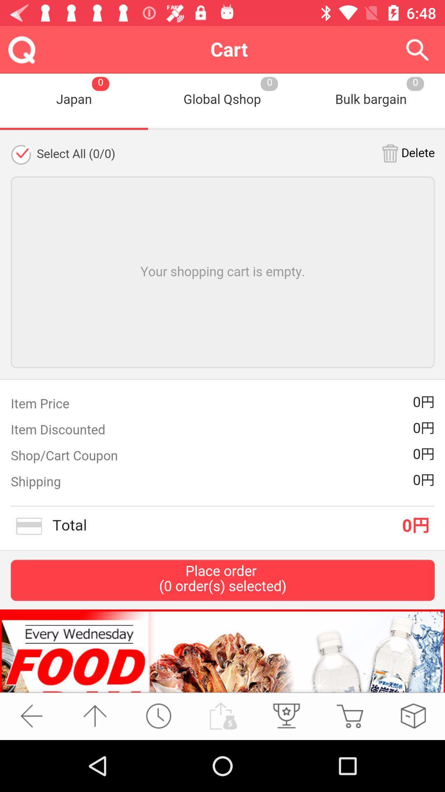 The image size is (445, 792). I want to click on up, so click(94, 715).